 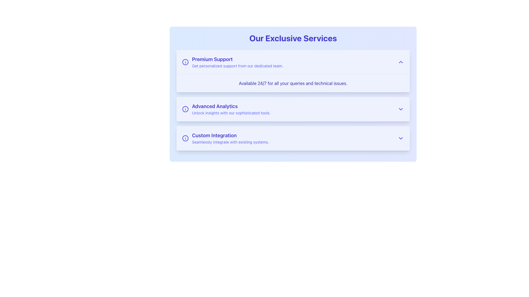 What do you see at coordinates (231, 106) in the screenshot?
I see `the bold text element reading 'Advanced Analytics' located above the subtitle 'Unlock insights with our sophisticated tools' in the card-like section under 'Our Exclusive Services'` at bounding box center [231, 106].